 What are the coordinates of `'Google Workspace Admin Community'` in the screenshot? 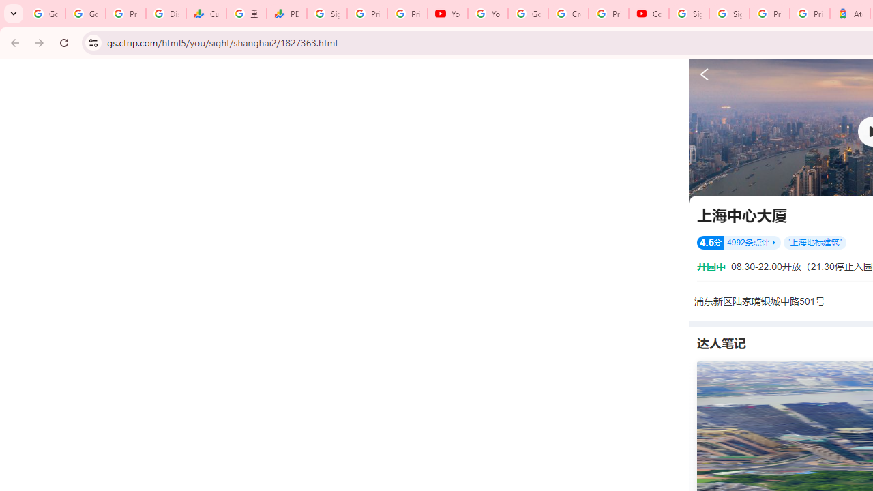 It's located at (45, 14).